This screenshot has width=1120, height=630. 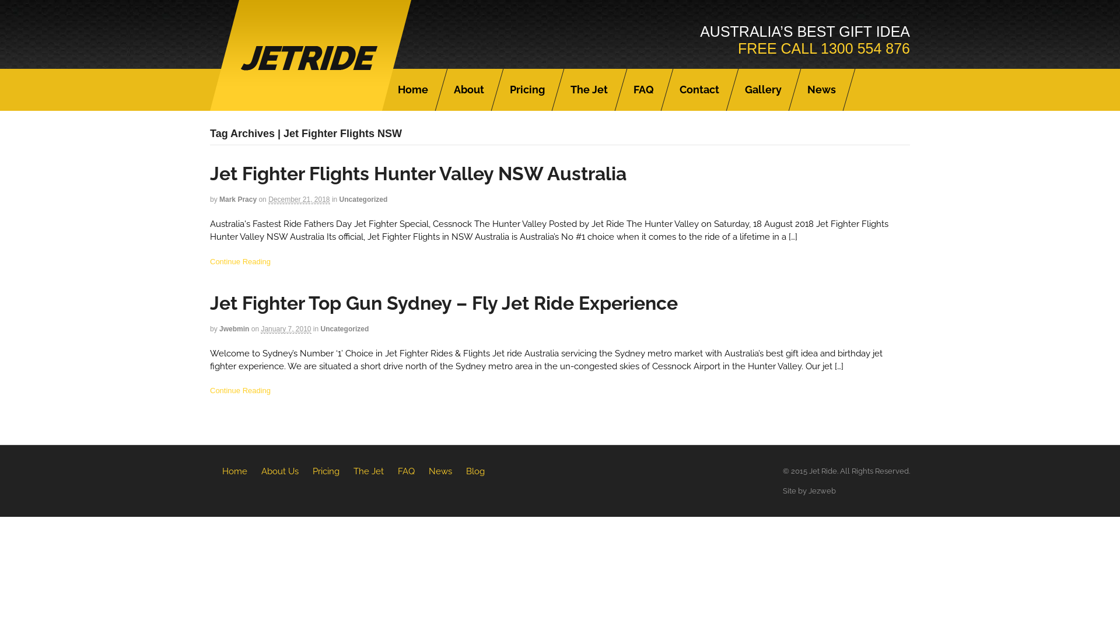 What do you see at coordinates (475, 470) in the screenshot?
I see `'Blog'` at bounding box center [475, 470].